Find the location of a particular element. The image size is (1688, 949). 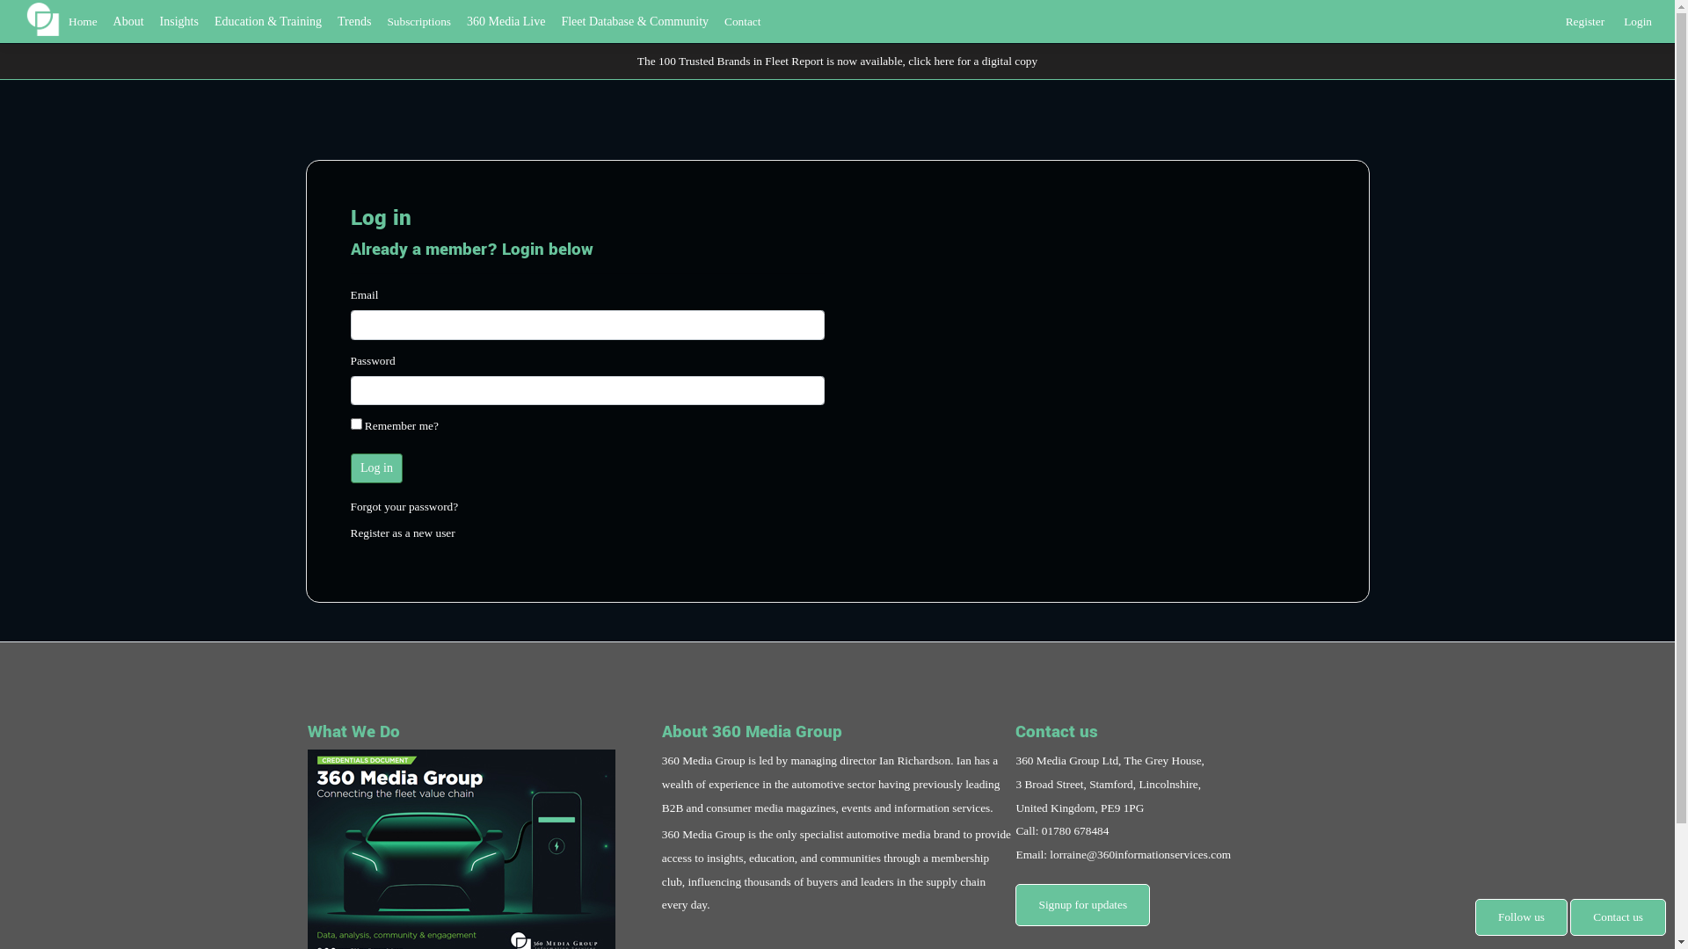

'Register' is located at coordinates (1585, 18).